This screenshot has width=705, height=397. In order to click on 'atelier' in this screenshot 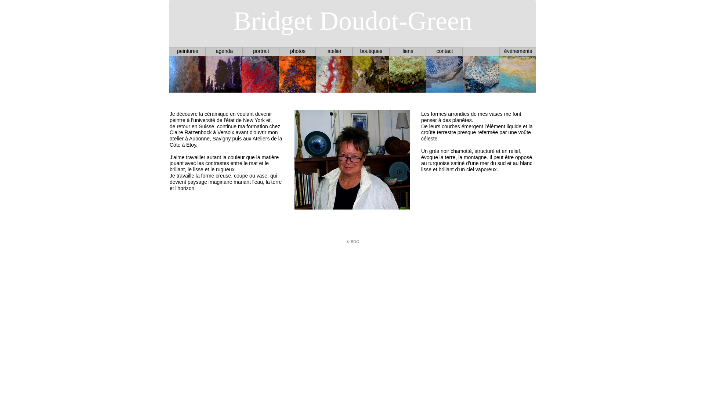, I will do `click(334, 50)`.